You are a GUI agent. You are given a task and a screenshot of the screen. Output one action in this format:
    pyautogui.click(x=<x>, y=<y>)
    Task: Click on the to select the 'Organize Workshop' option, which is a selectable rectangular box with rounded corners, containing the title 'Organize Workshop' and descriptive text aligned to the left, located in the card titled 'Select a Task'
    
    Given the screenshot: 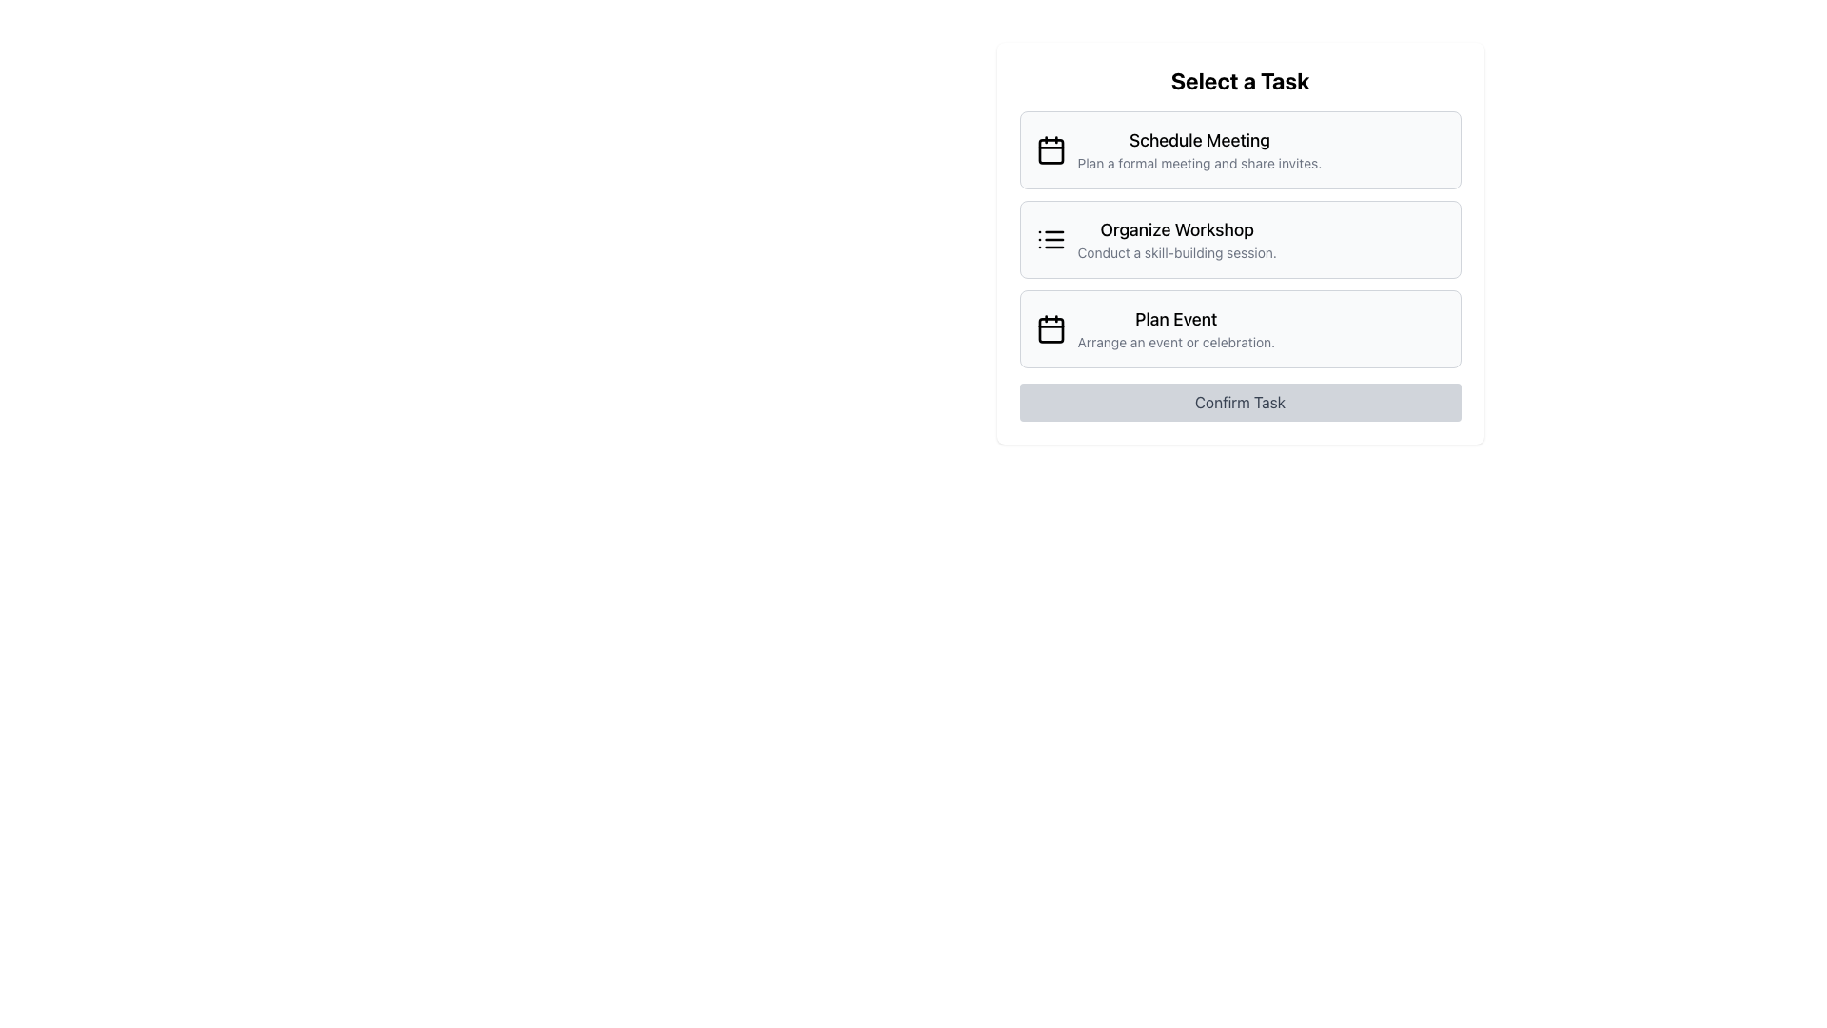 What is the action you would take?
    pyautogui.click(x=1240, y=242)
    